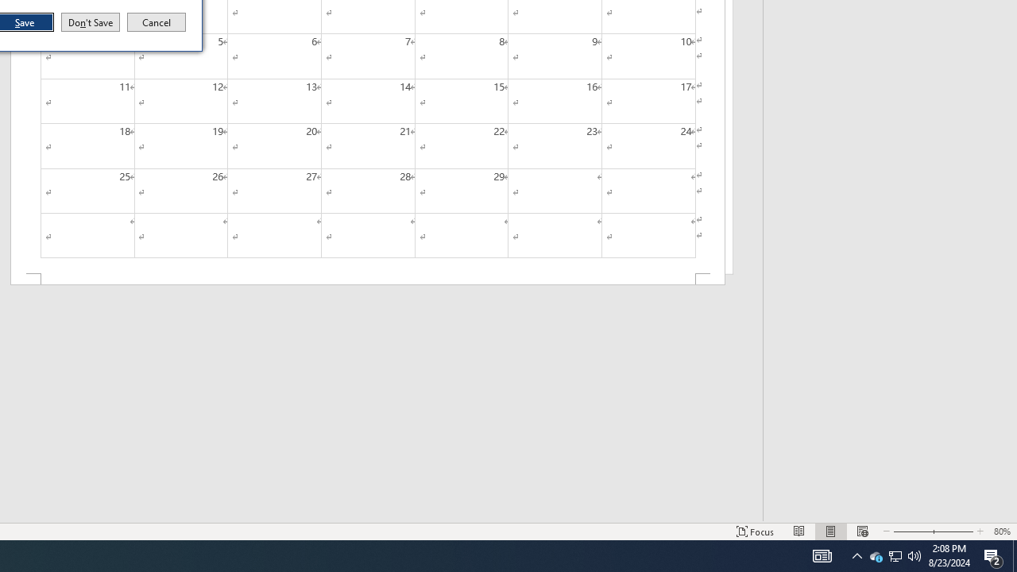 The image size is (1017, 572). What do you see at coordinates (1014, 555) in the screenshot?
I see `'Show desktop'` at bounding box center [1014, 555].